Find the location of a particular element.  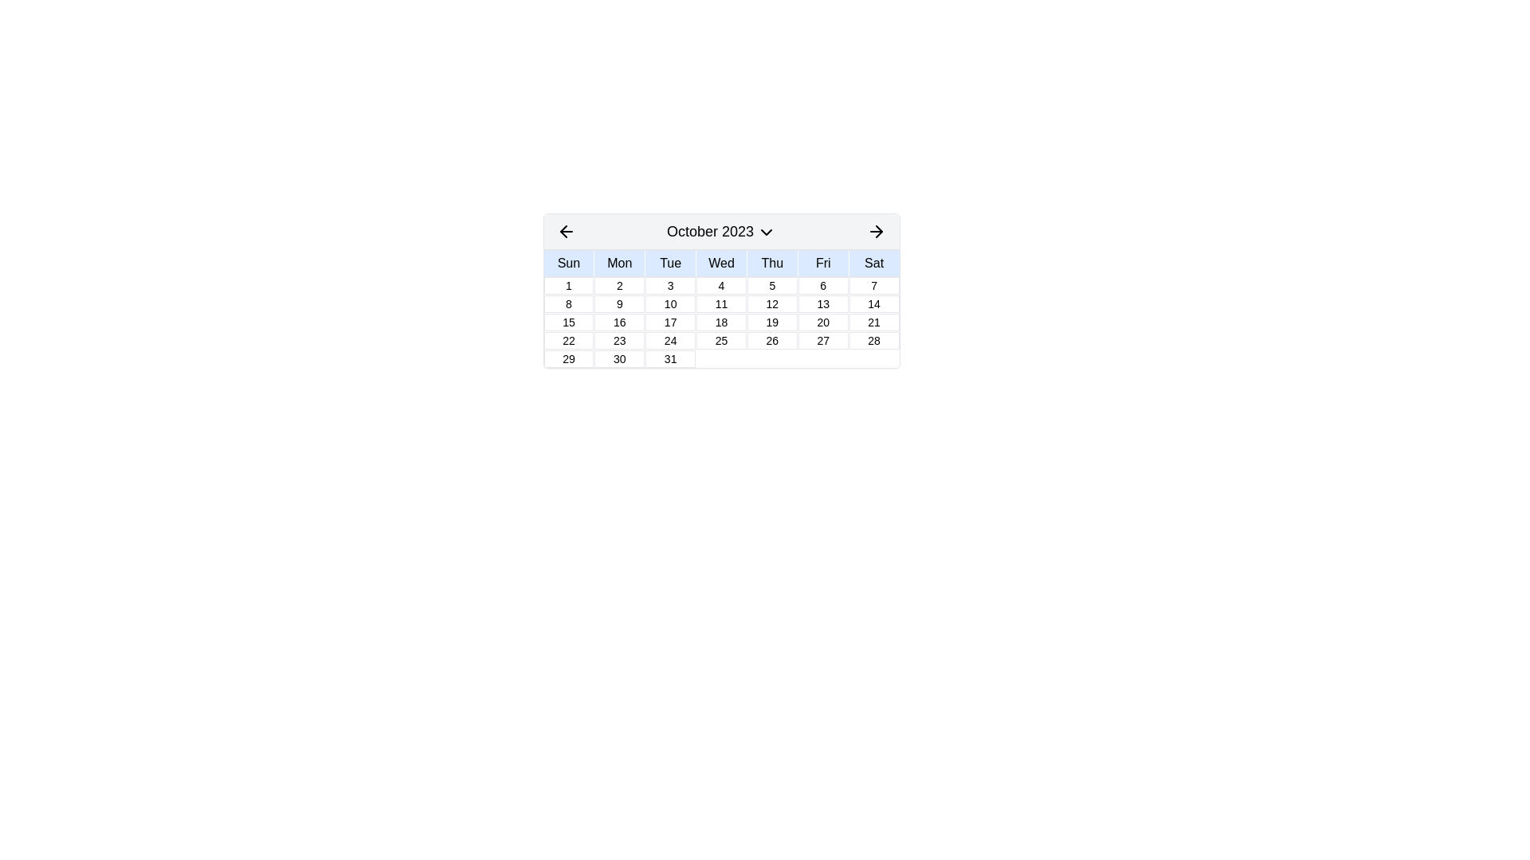

the static text label for the day abbreviation located between 'Mon' and 'Wed' in the calendar interface is located at coordinates (670, 263).